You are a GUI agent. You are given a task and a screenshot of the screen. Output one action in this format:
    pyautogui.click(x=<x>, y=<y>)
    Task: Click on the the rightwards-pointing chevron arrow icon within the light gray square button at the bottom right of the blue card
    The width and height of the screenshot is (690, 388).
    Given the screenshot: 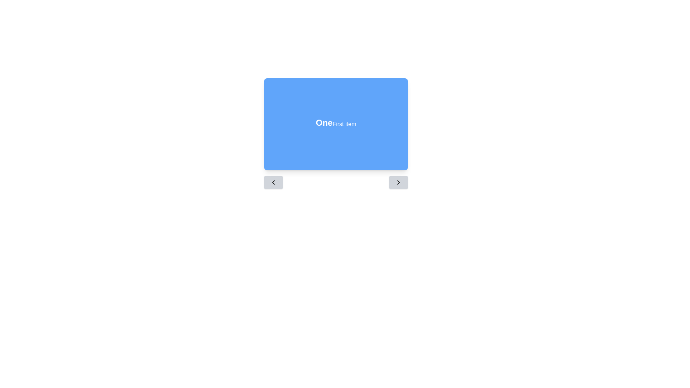 What is the action you would take?
    pyautogui.click(x=398, y=182)
    